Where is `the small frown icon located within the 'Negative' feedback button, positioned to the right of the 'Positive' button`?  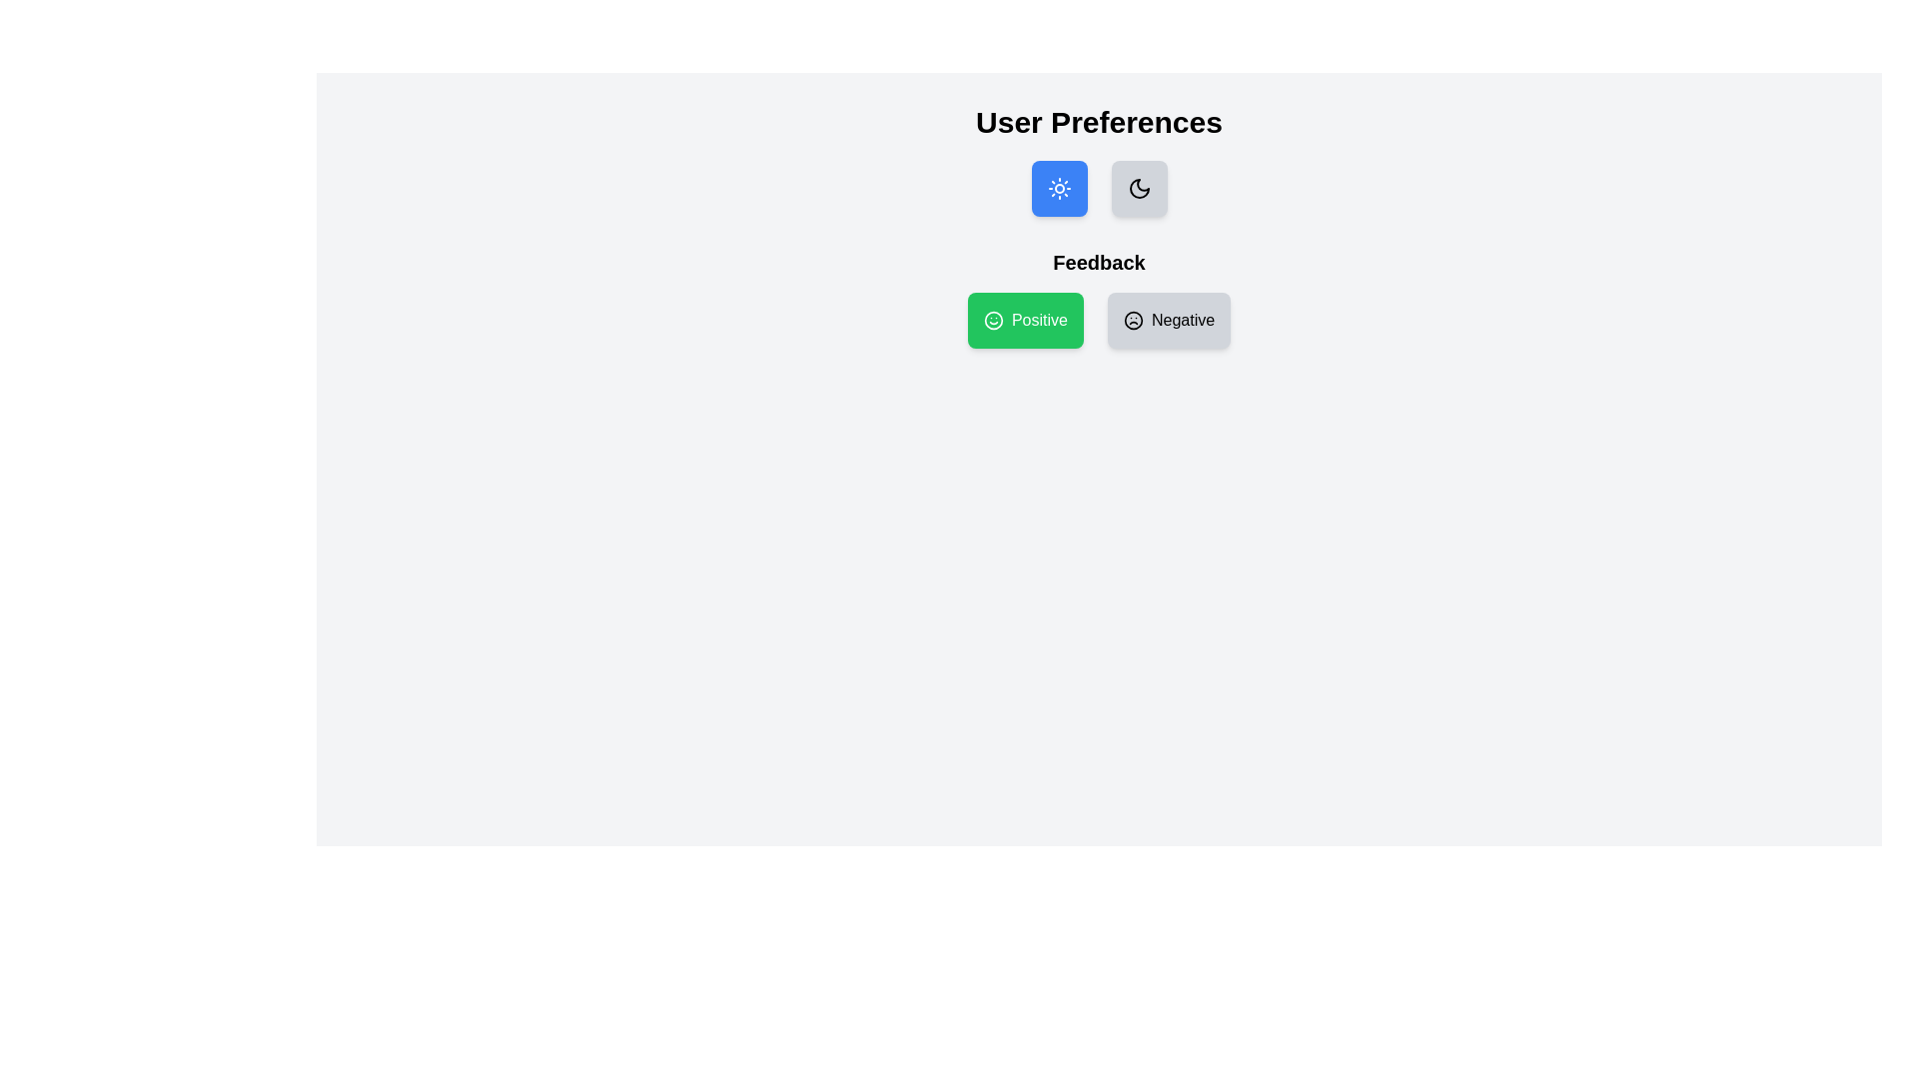
the small frown icon located within the 'Negative' feedback button, positioned to the right of the 'Positive' button is located at coordinates (1133, 319).